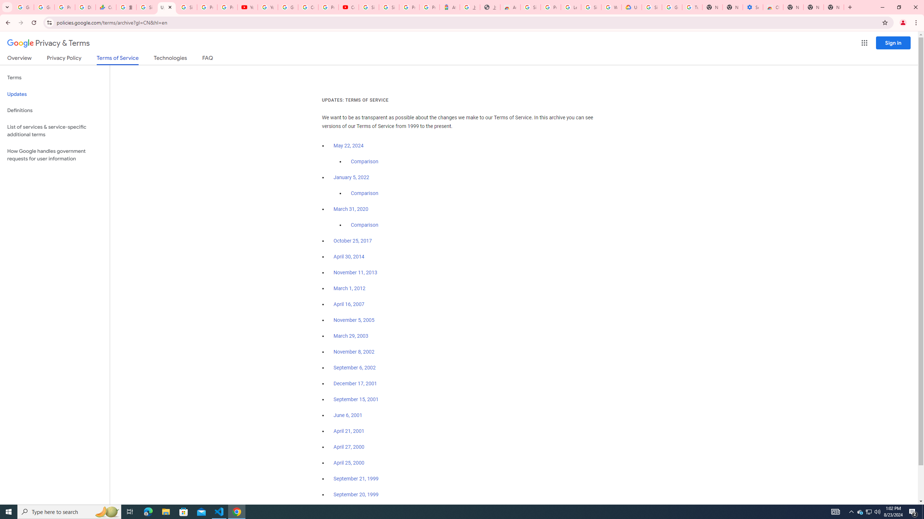 The width and height of the screenshot is (924, 519). Describe the element at coordinates (106, 7) in the screenshot. I see `'Currencies - Google Finance'` at that location.